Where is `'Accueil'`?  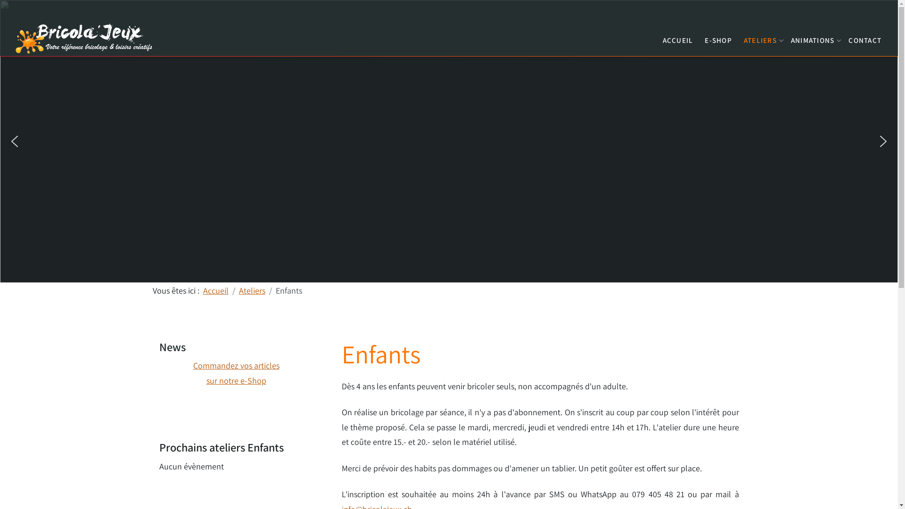 'Accueil' is located at coordinates (214, 290).